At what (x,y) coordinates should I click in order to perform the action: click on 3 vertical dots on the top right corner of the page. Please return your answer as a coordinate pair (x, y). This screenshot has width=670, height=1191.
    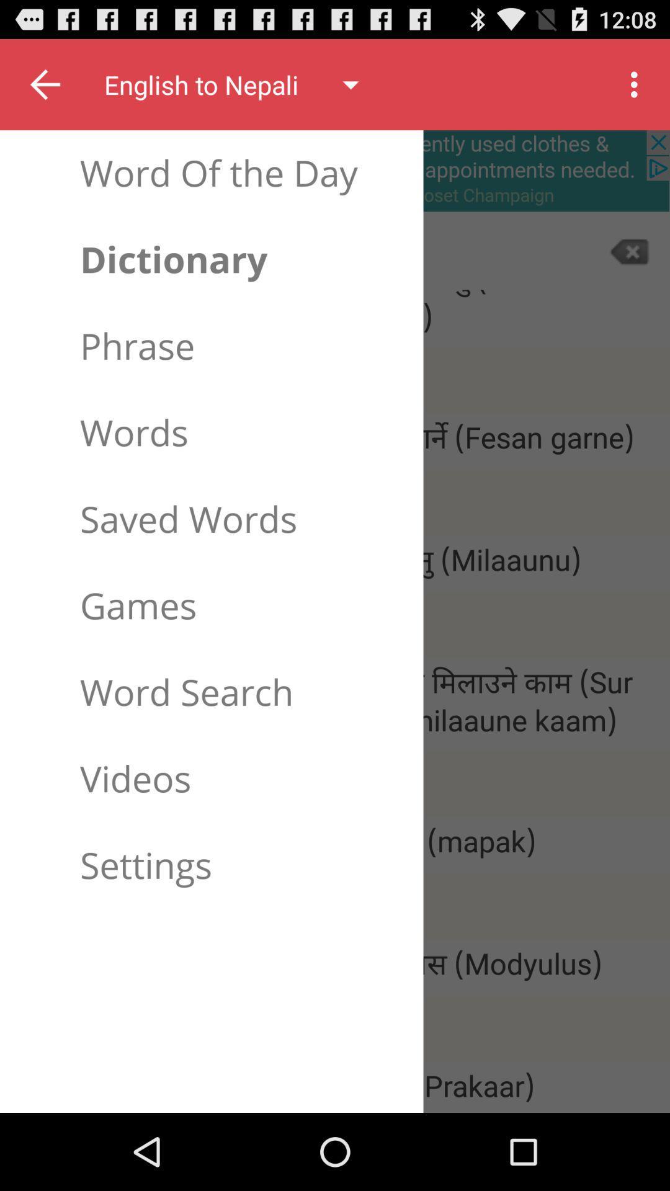
    Looking at the image, I should click on (637, 84).